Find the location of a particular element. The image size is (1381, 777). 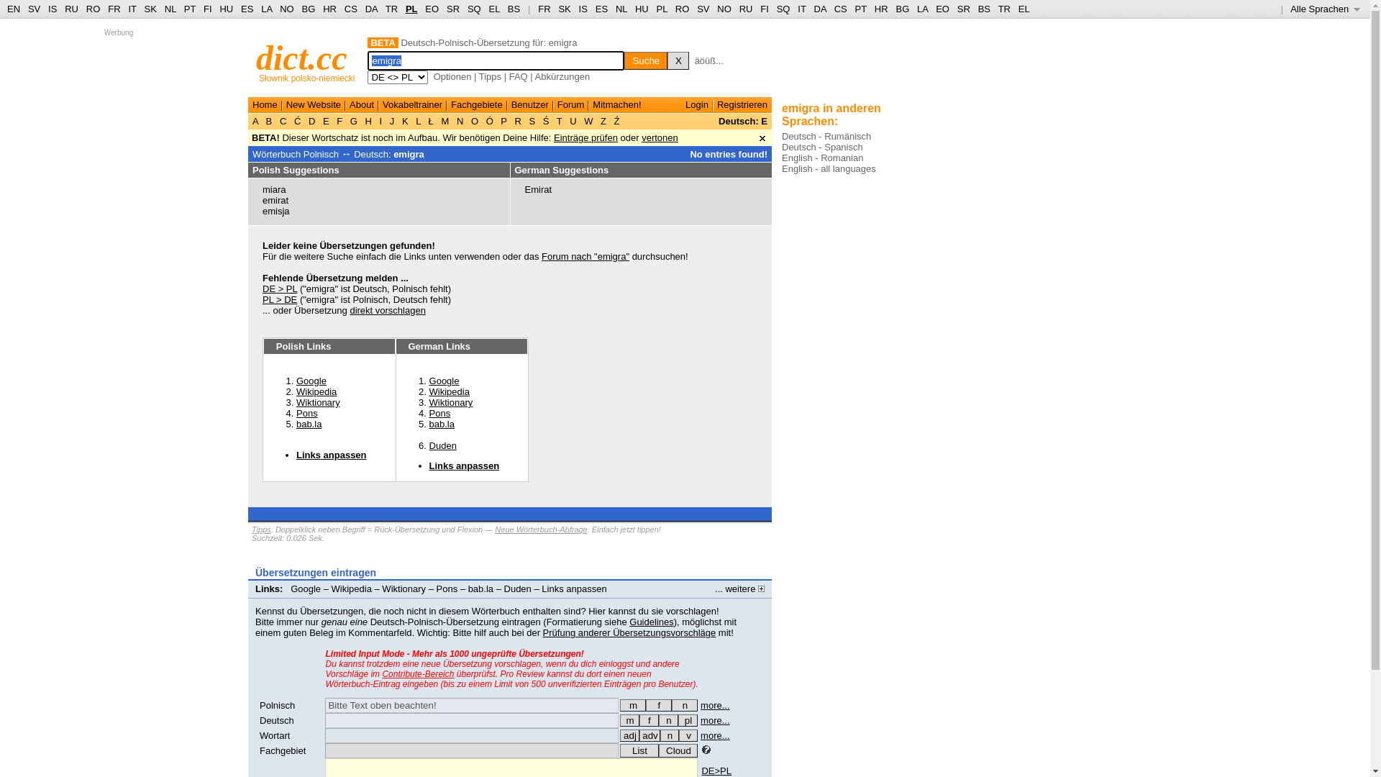

'O' is located at coordinates (474, 120).